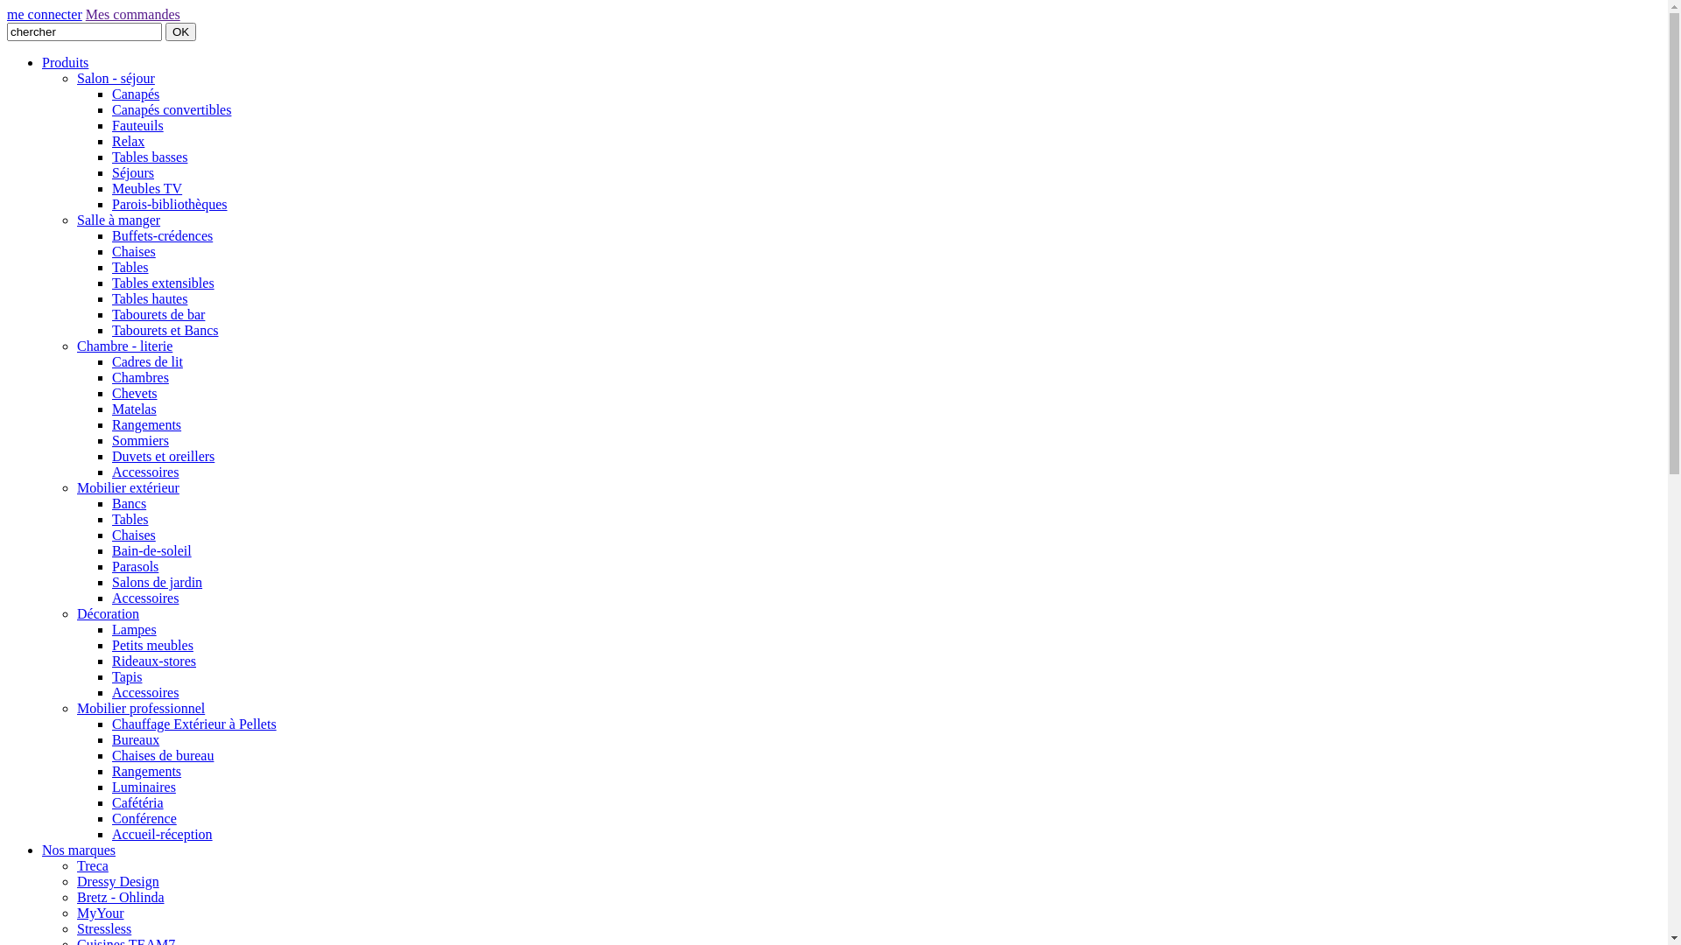 The image size is (1681, 945). I want to click on 'Produits', so click(65, 61).